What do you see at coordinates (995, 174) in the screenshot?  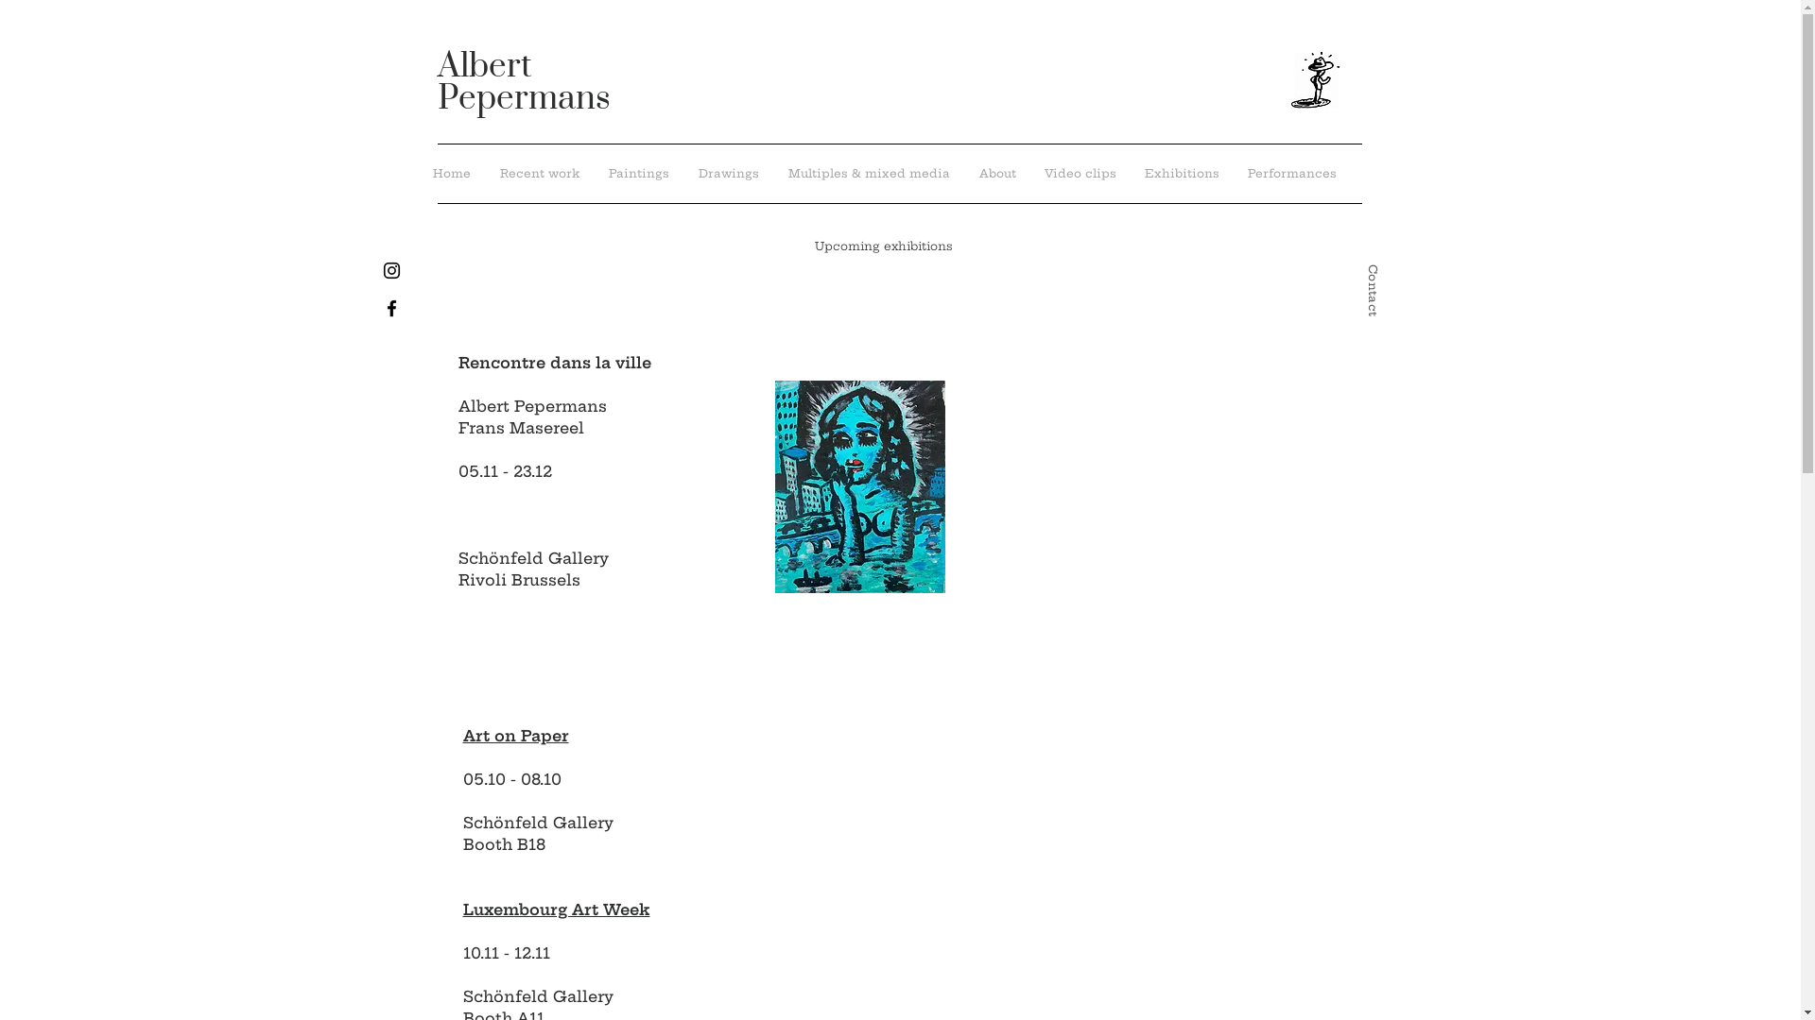 I see `'About'` at bounding box center [995, 174].